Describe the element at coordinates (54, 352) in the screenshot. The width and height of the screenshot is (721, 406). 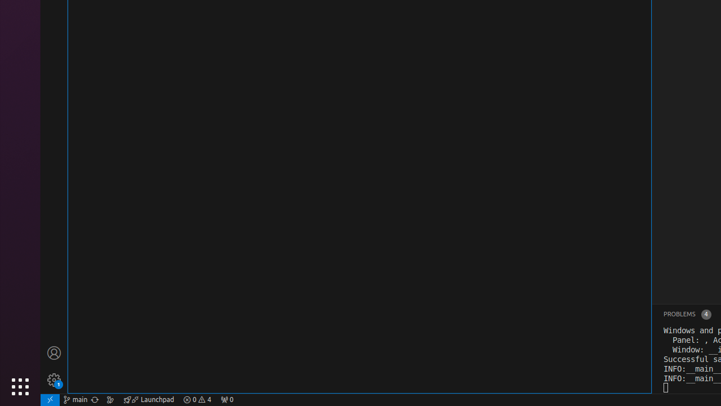
I see `'Accounts'` at that location.